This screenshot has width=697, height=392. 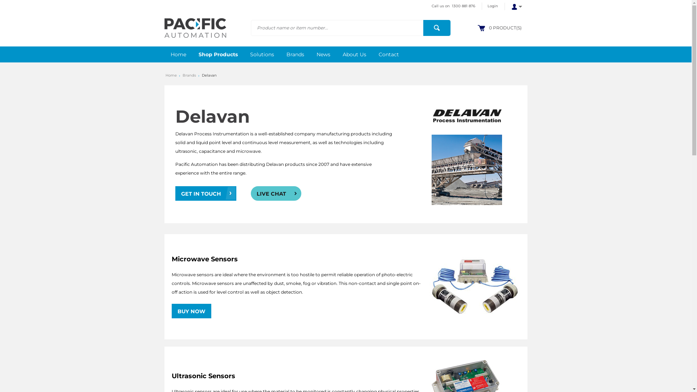 What do you see at coordinates (388, 54) in the screenshot?
I see `'Contact'` at bounding box center [388, 54].